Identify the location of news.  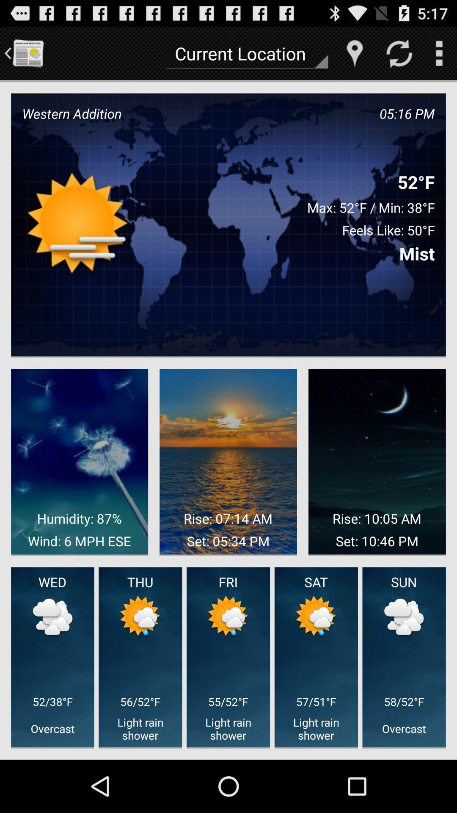
(27, 53).